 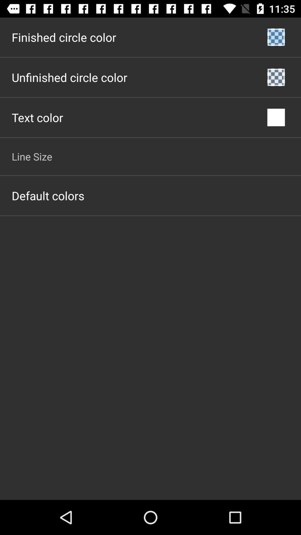 I want to click on text color icon, so click(x=37, y=117).